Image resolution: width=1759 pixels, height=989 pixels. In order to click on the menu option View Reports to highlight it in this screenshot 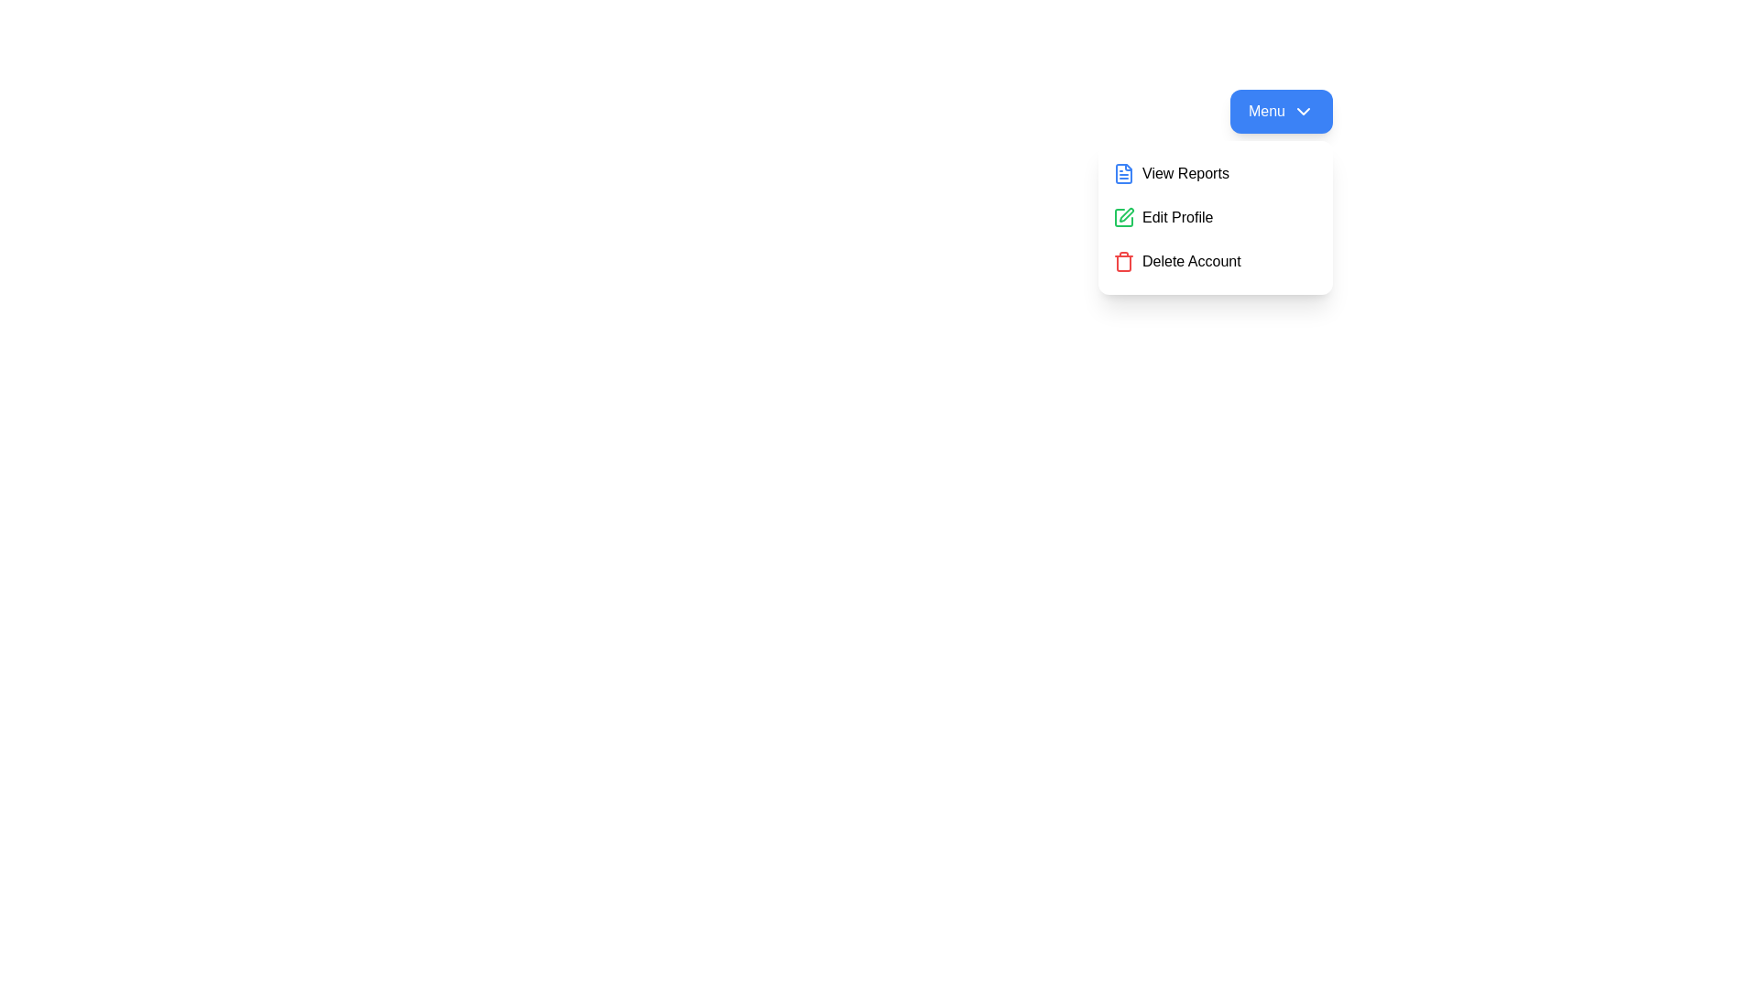, I will do `click(1216, 173)`.